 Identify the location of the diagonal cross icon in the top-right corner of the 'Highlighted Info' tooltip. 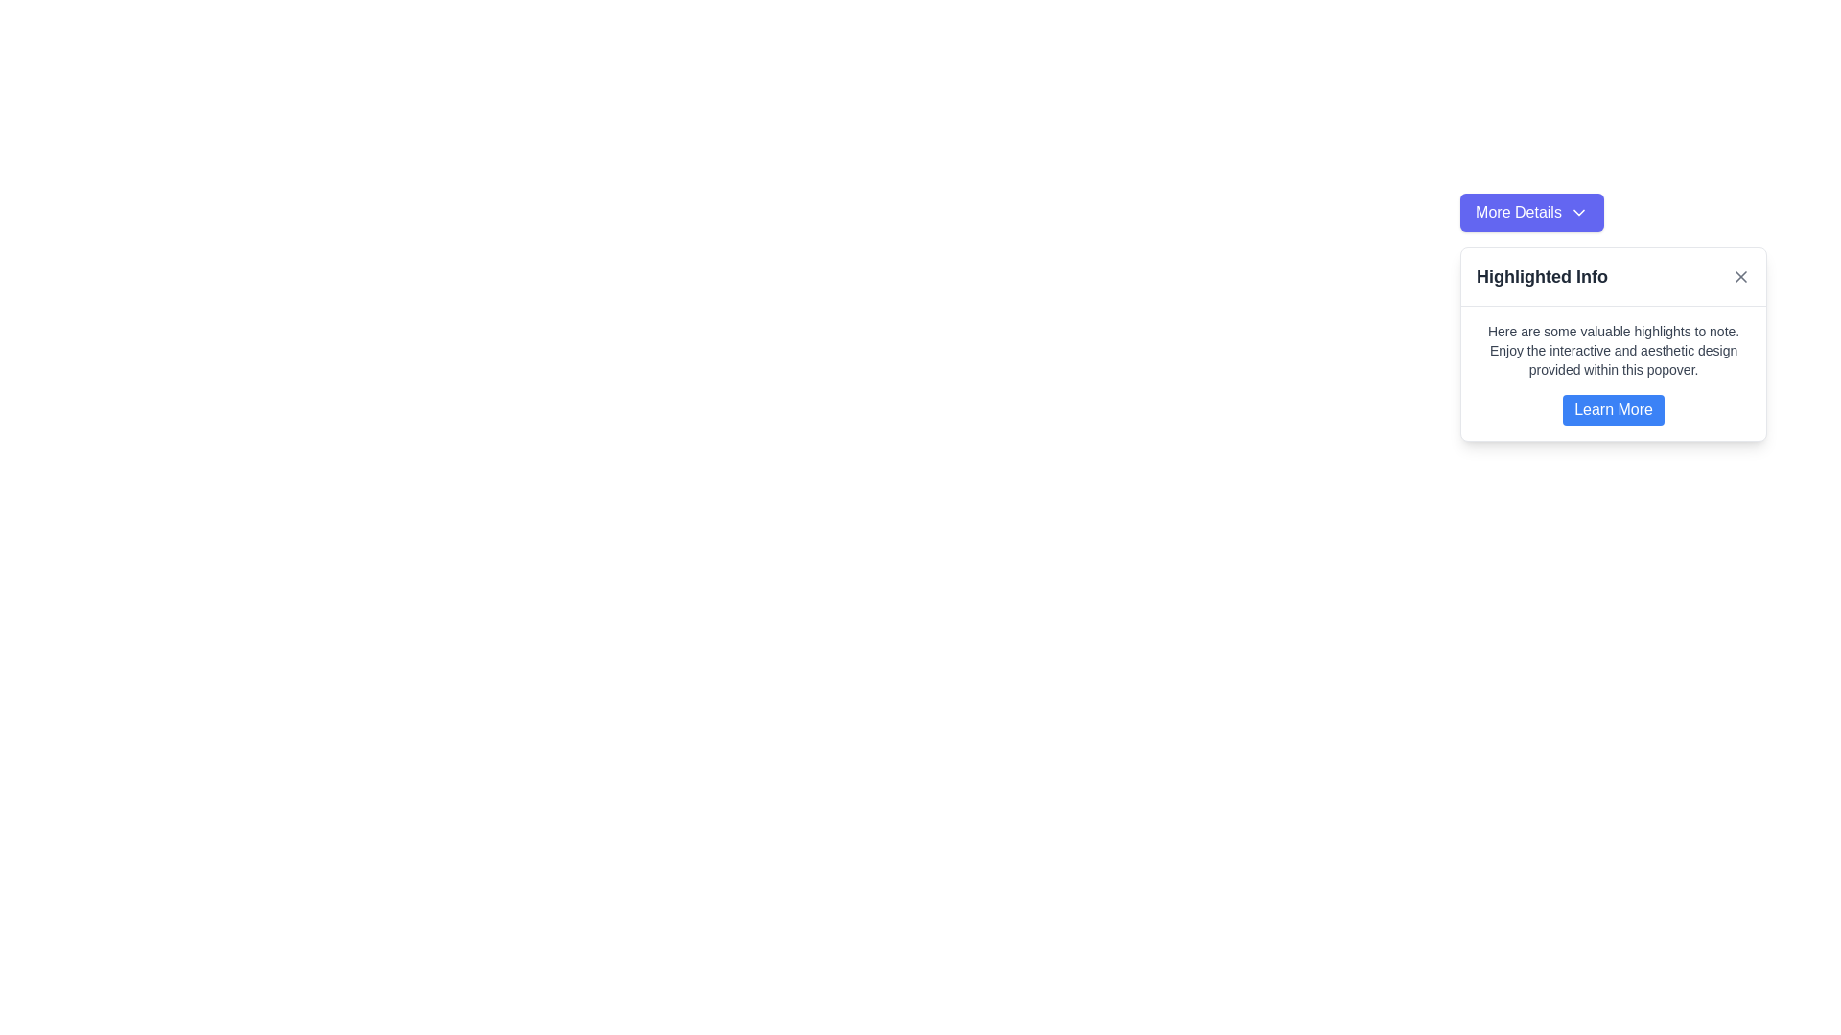
(1741, 277).